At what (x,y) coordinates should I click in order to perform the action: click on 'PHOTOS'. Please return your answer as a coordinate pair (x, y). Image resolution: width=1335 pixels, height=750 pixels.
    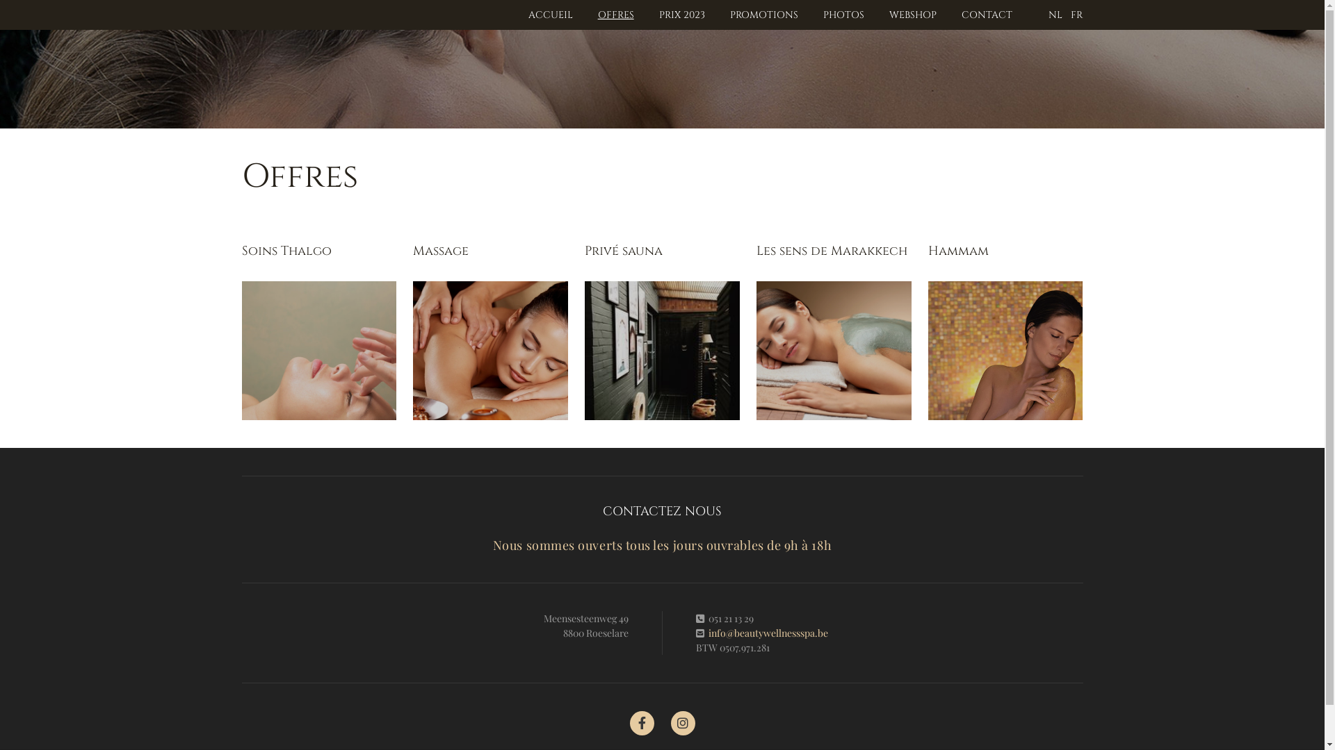
    Looking at the image, I should click on (843, 15).